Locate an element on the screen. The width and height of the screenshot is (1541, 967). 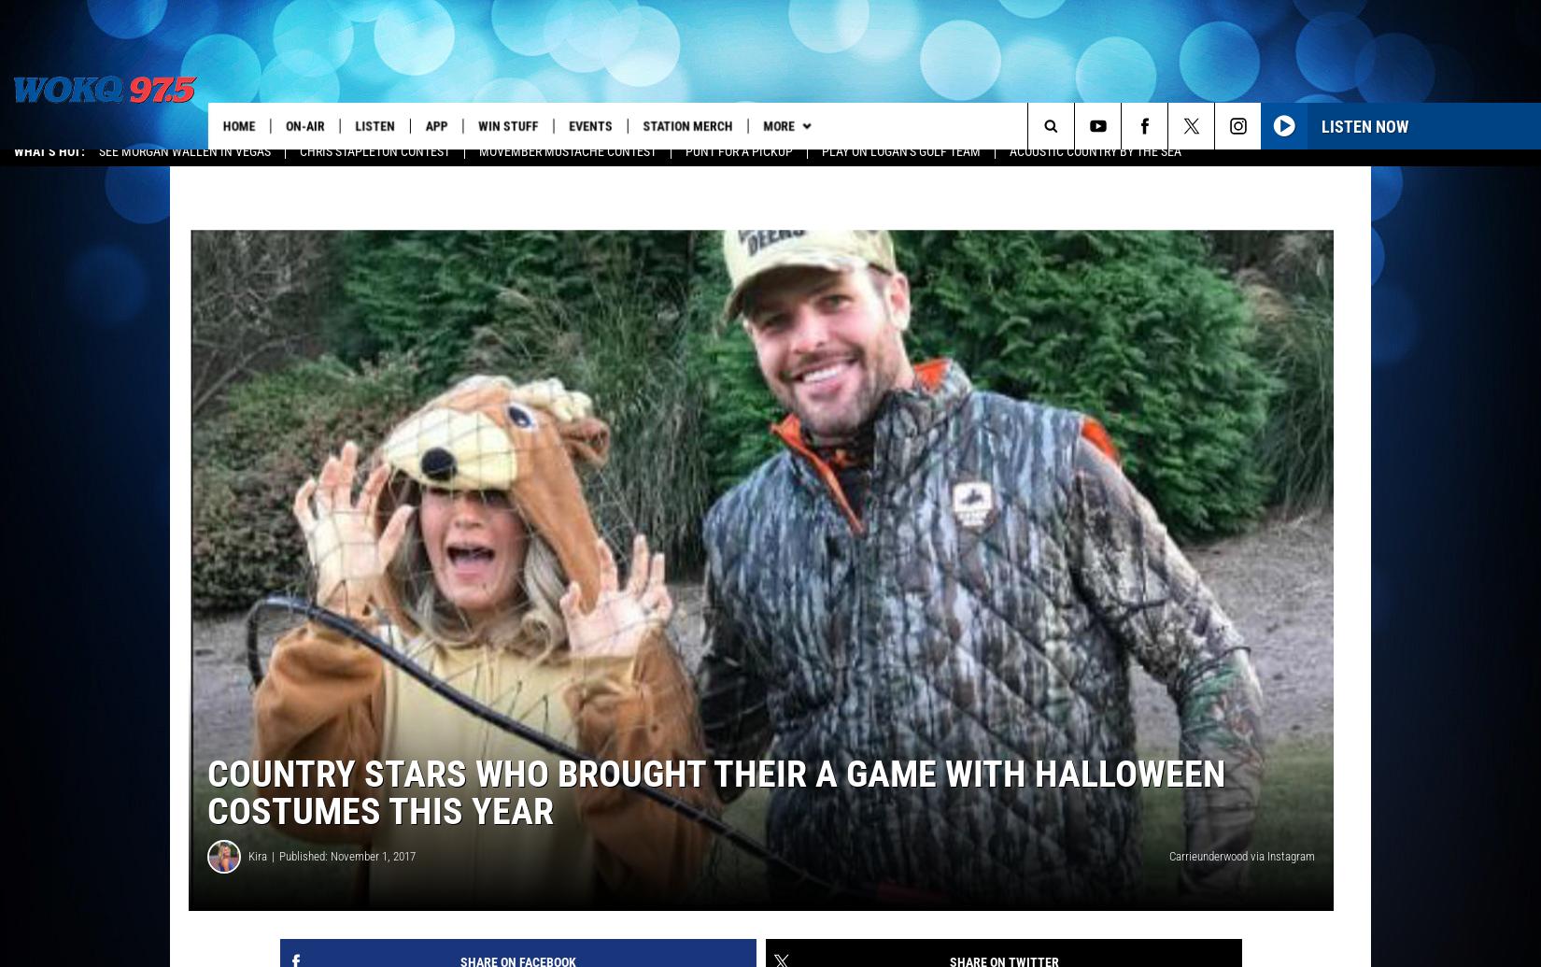
'Win Stuff' is located at coordinates (482, 125).